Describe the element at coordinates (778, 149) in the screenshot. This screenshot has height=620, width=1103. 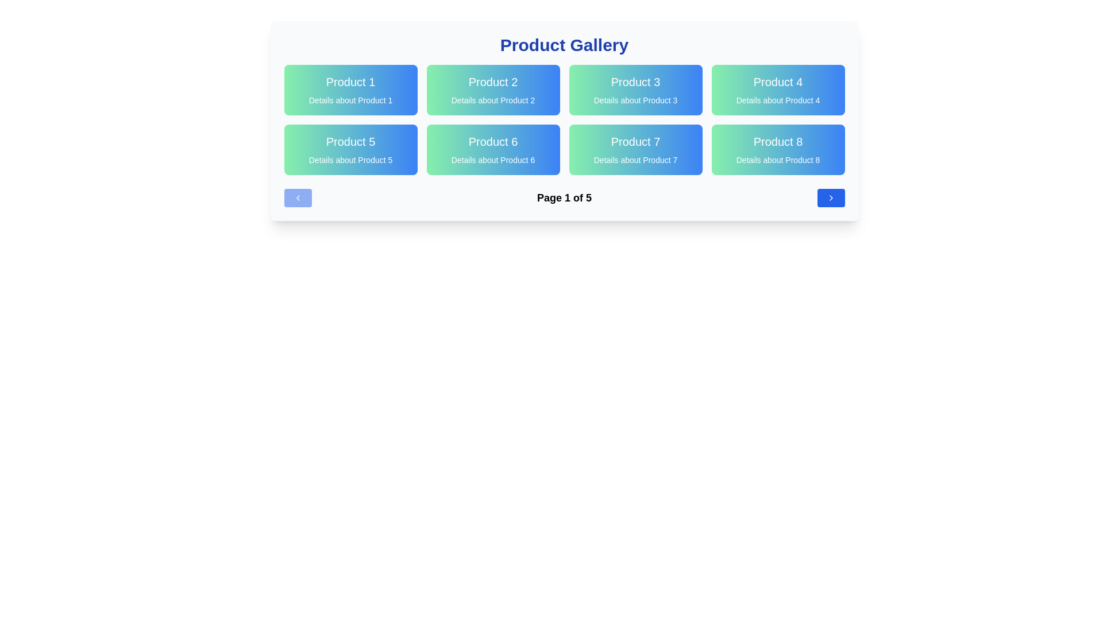
I see `the product card for 'Product 8', located at the bottom-right corner of the grid, which allows users` at that location.